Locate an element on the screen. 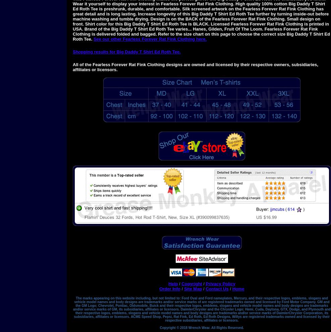  'Order Info' is located at coordinates (159, 289).